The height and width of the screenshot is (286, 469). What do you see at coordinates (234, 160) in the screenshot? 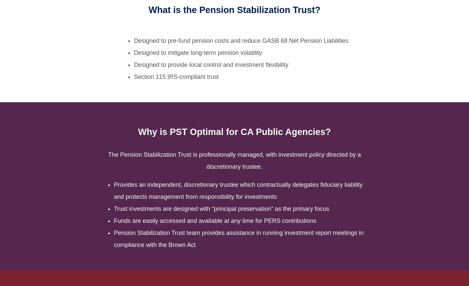
I see `'The Pension Stabilization Trust is professionally managed, with investment policy directed by a discretionary trustee.'` at bounding box center [234, 160].